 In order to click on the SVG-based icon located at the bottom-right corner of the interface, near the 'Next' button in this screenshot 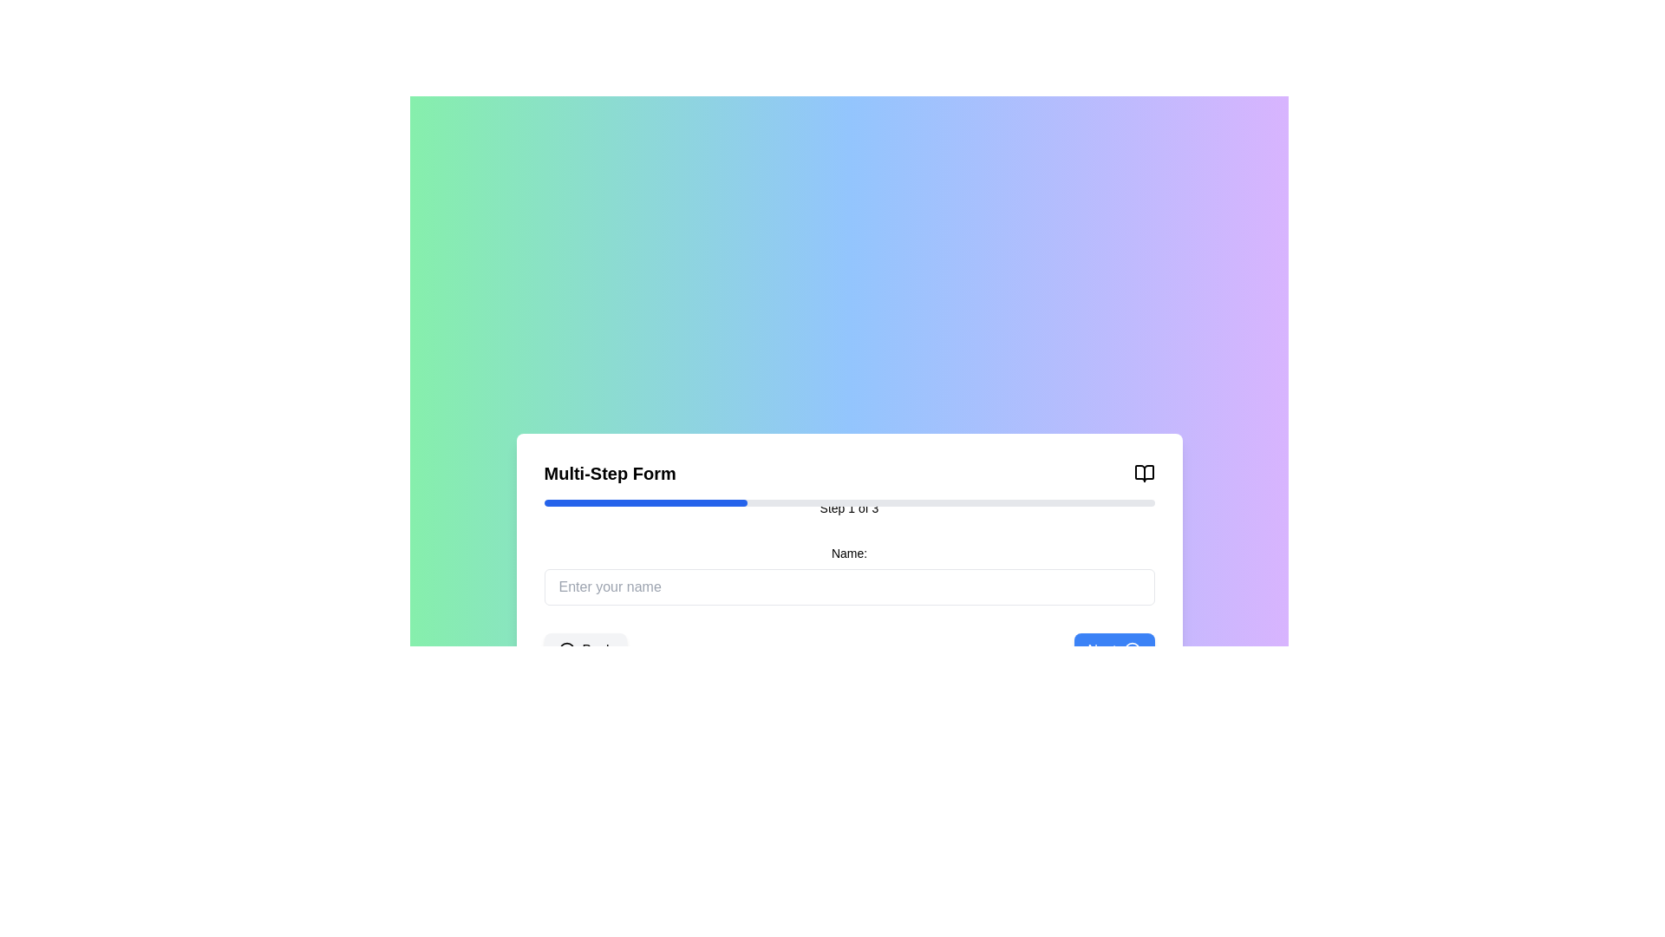, I will do `click(1132, 650)`.